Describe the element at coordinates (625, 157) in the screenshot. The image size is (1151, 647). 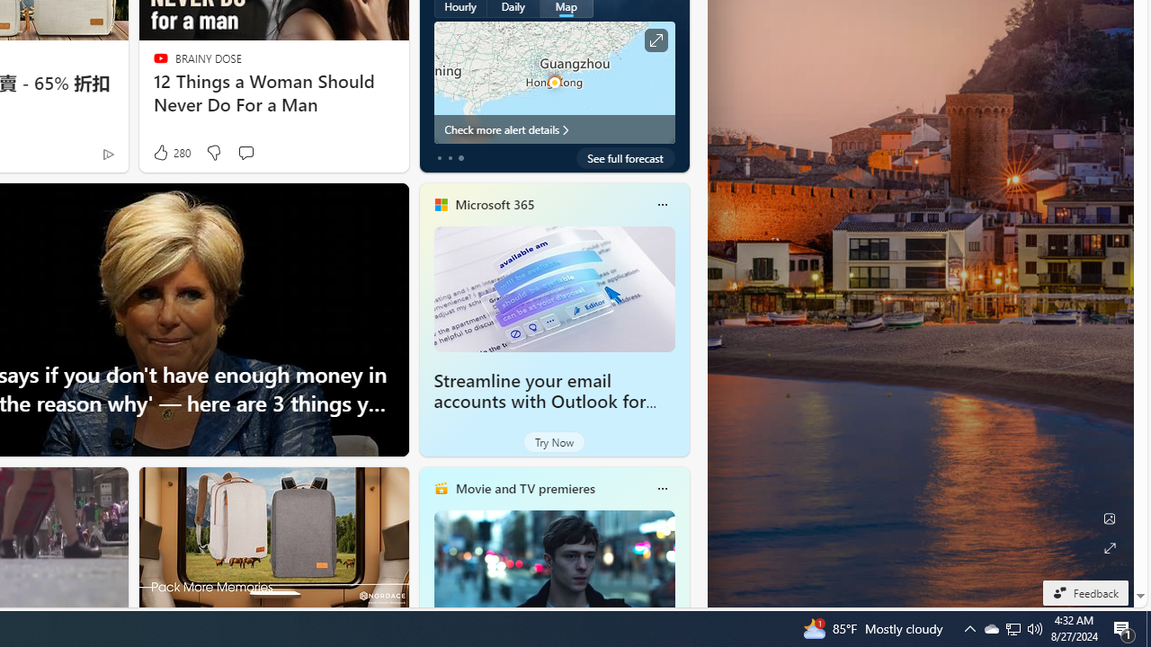
I see `'See full forecast'` at that location.